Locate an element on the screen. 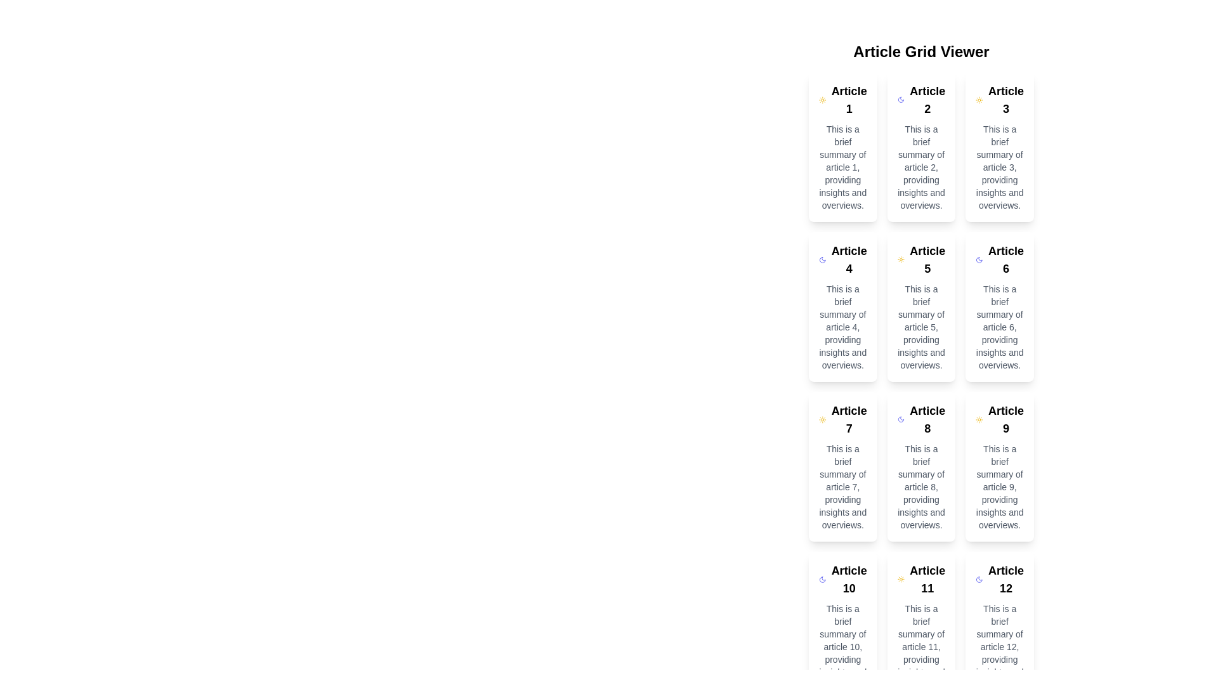 The width and height of the screenshot is (1218, 685). the moon icon located to the left of the 'Article 4' title in the header section is located at coordinates (822, 259).